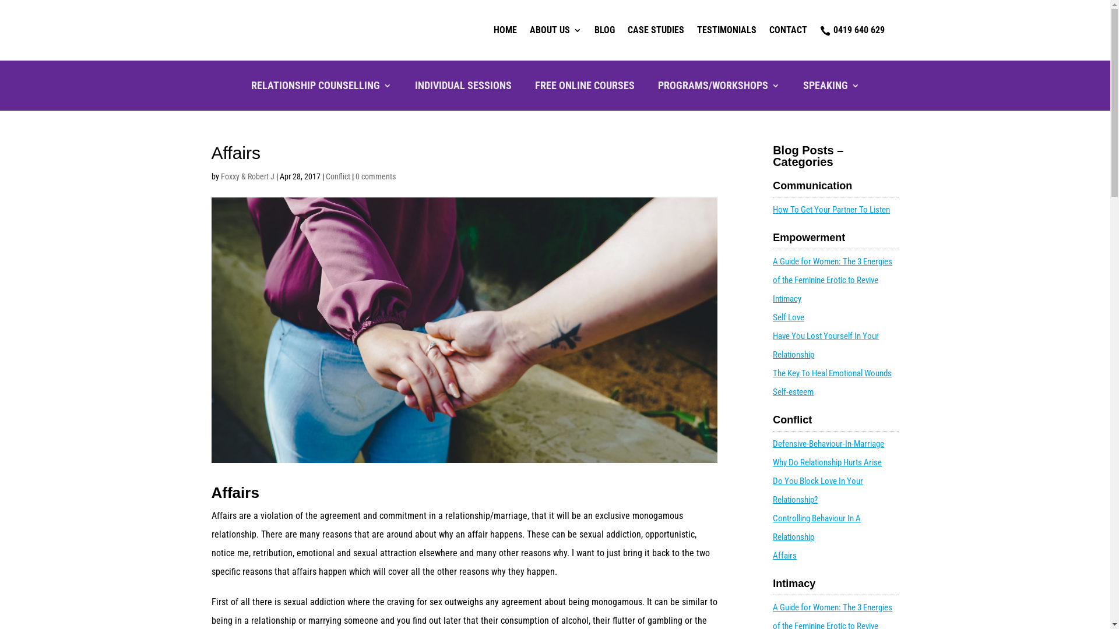 Image resolution: width=1119 pixels, height=629 pixels. Describe the element at coordinates (784, 554) in the screenshot. I see `'Affairs'` at that location.